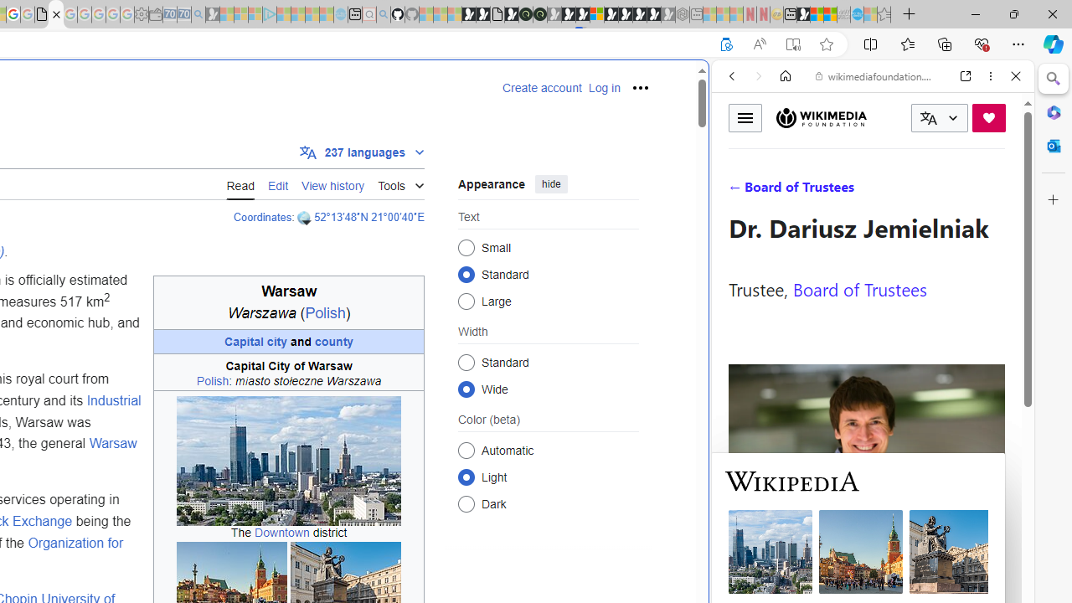  Describe the element at coordinates (282, 533) in the screenshot. I see `'Downtown'` at that location.